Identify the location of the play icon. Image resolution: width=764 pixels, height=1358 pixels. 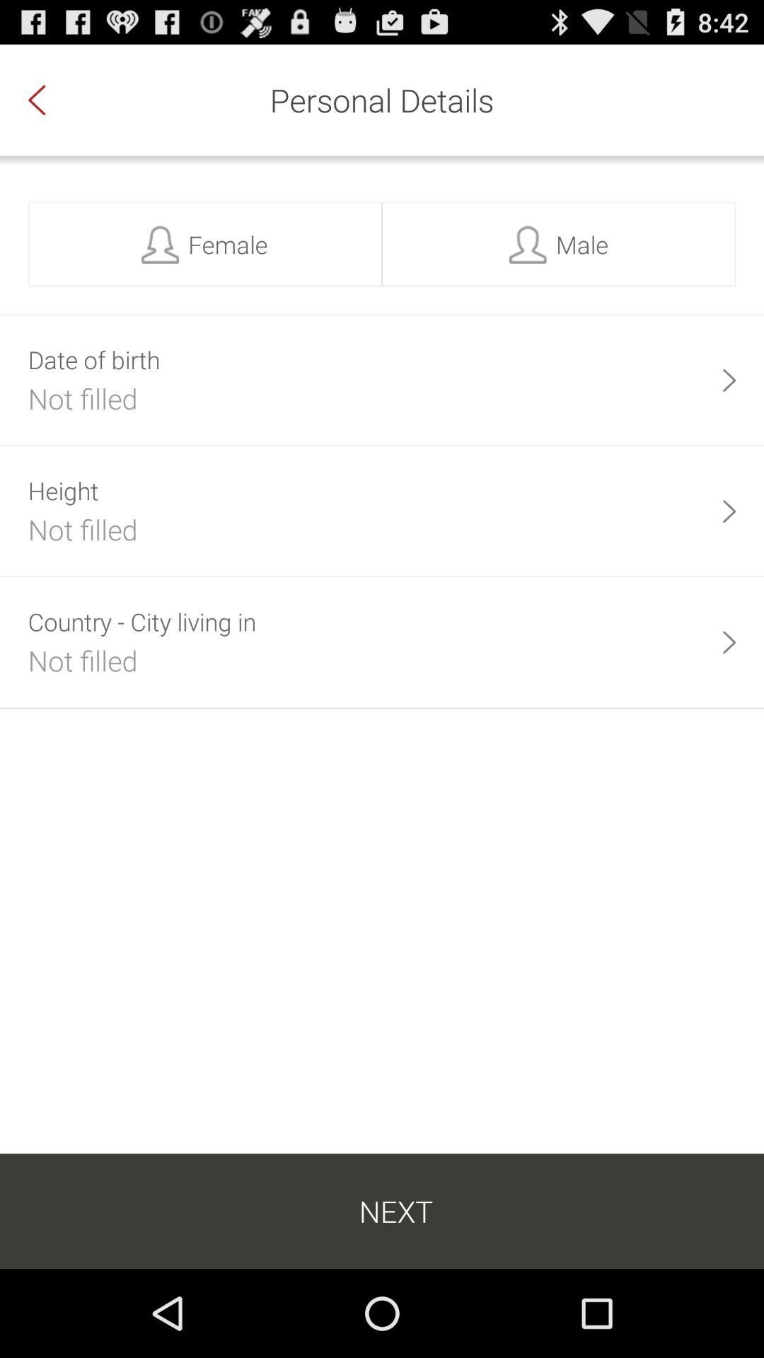
(729, 406).